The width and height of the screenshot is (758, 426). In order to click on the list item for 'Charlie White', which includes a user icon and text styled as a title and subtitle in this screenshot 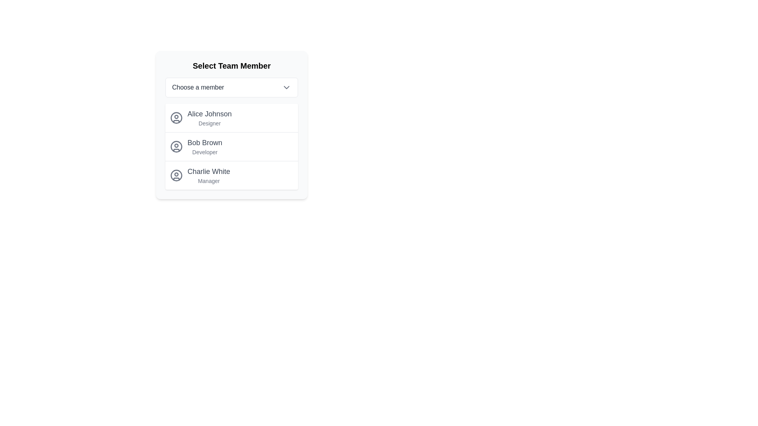, I will do `click(200, 175)`.